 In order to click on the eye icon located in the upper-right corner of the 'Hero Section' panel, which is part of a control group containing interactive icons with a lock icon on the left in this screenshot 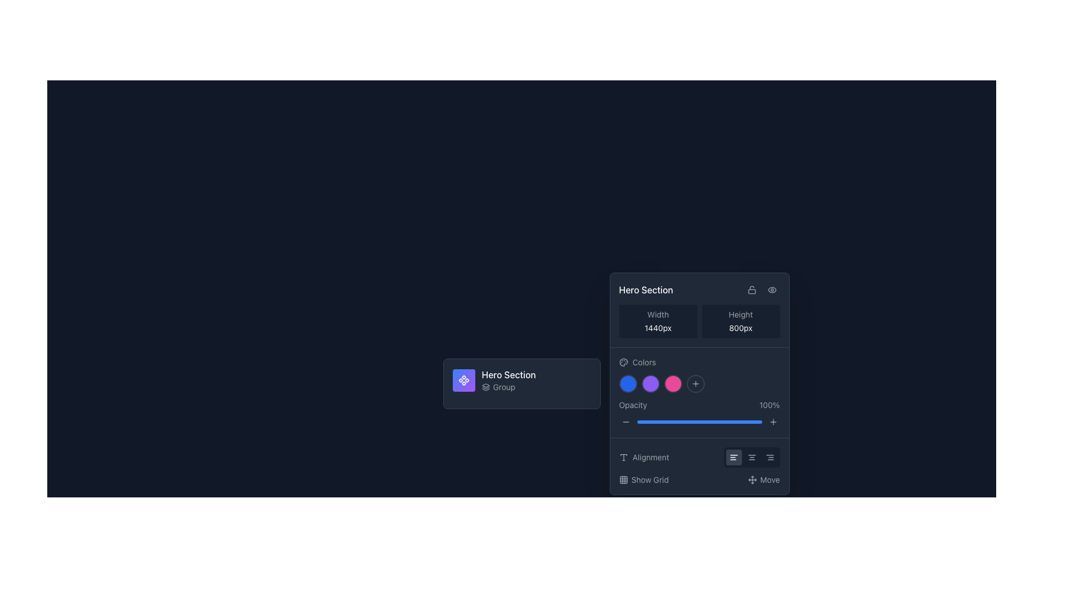, I will do `click(762, 289)`.